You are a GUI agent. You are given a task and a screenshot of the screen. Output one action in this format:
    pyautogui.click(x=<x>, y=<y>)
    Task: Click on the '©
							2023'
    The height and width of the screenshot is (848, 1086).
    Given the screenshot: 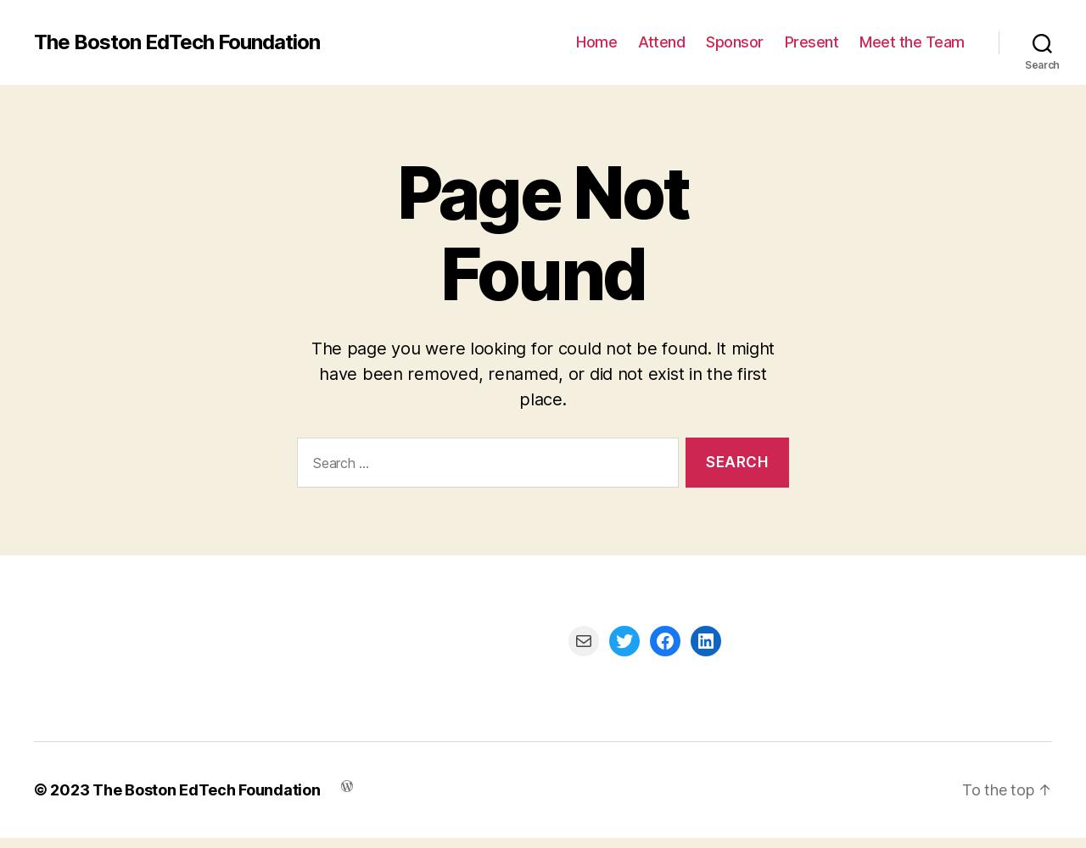 What is the action you would take?
    pyautogui.click(x=33, y=789)
    